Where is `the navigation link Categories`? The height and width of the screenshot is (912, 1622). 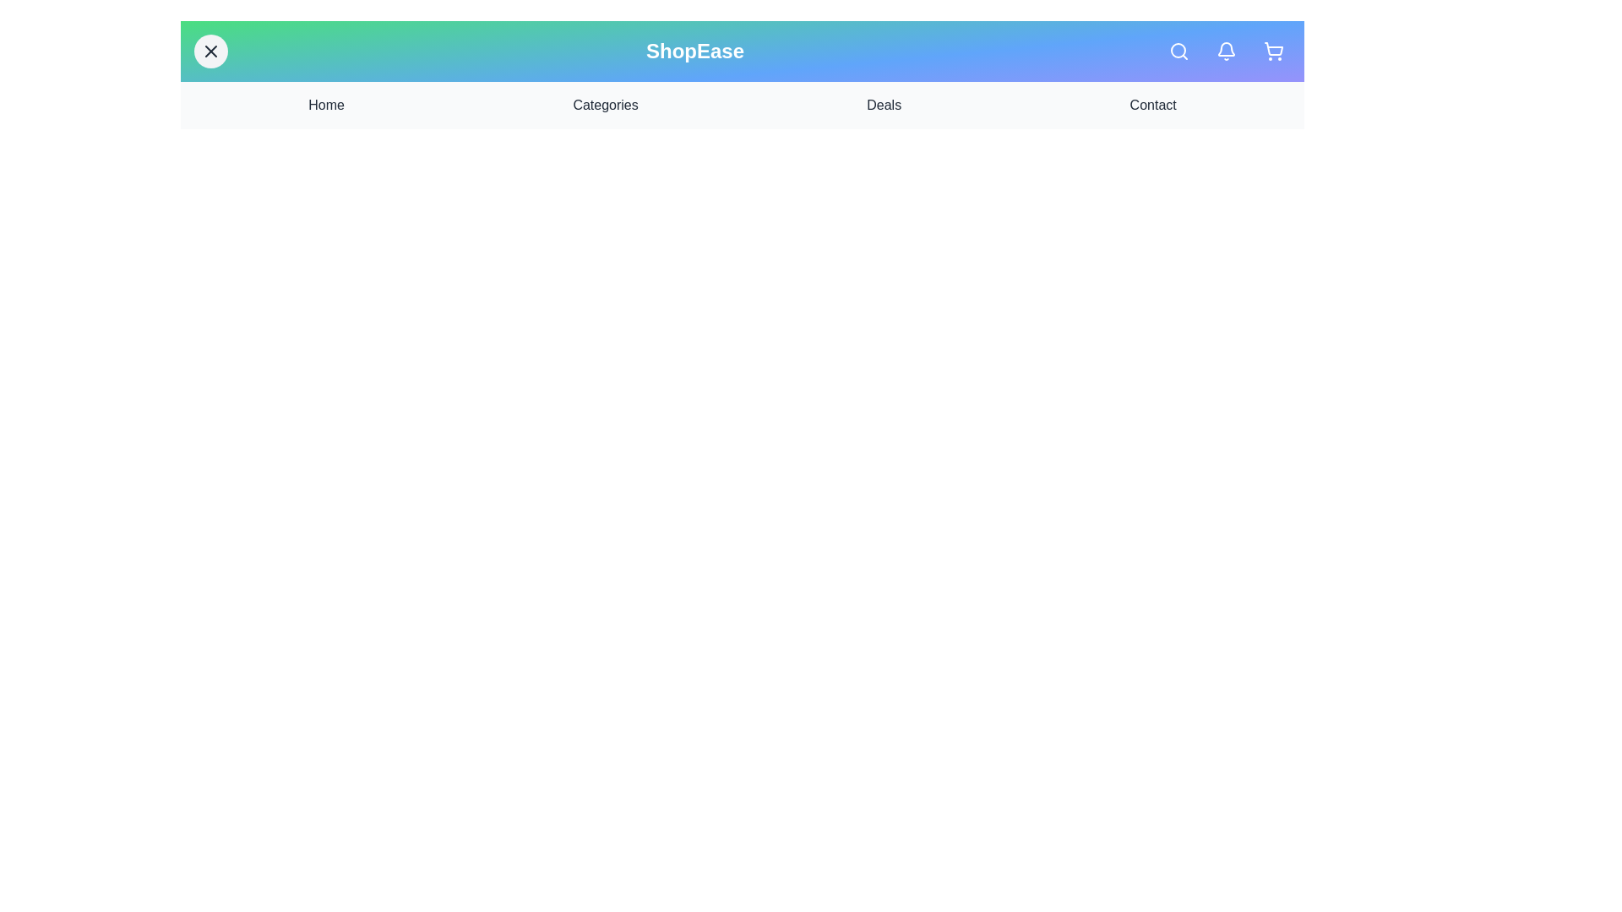
the navigation link Categories is located at coordinates (605, 105).